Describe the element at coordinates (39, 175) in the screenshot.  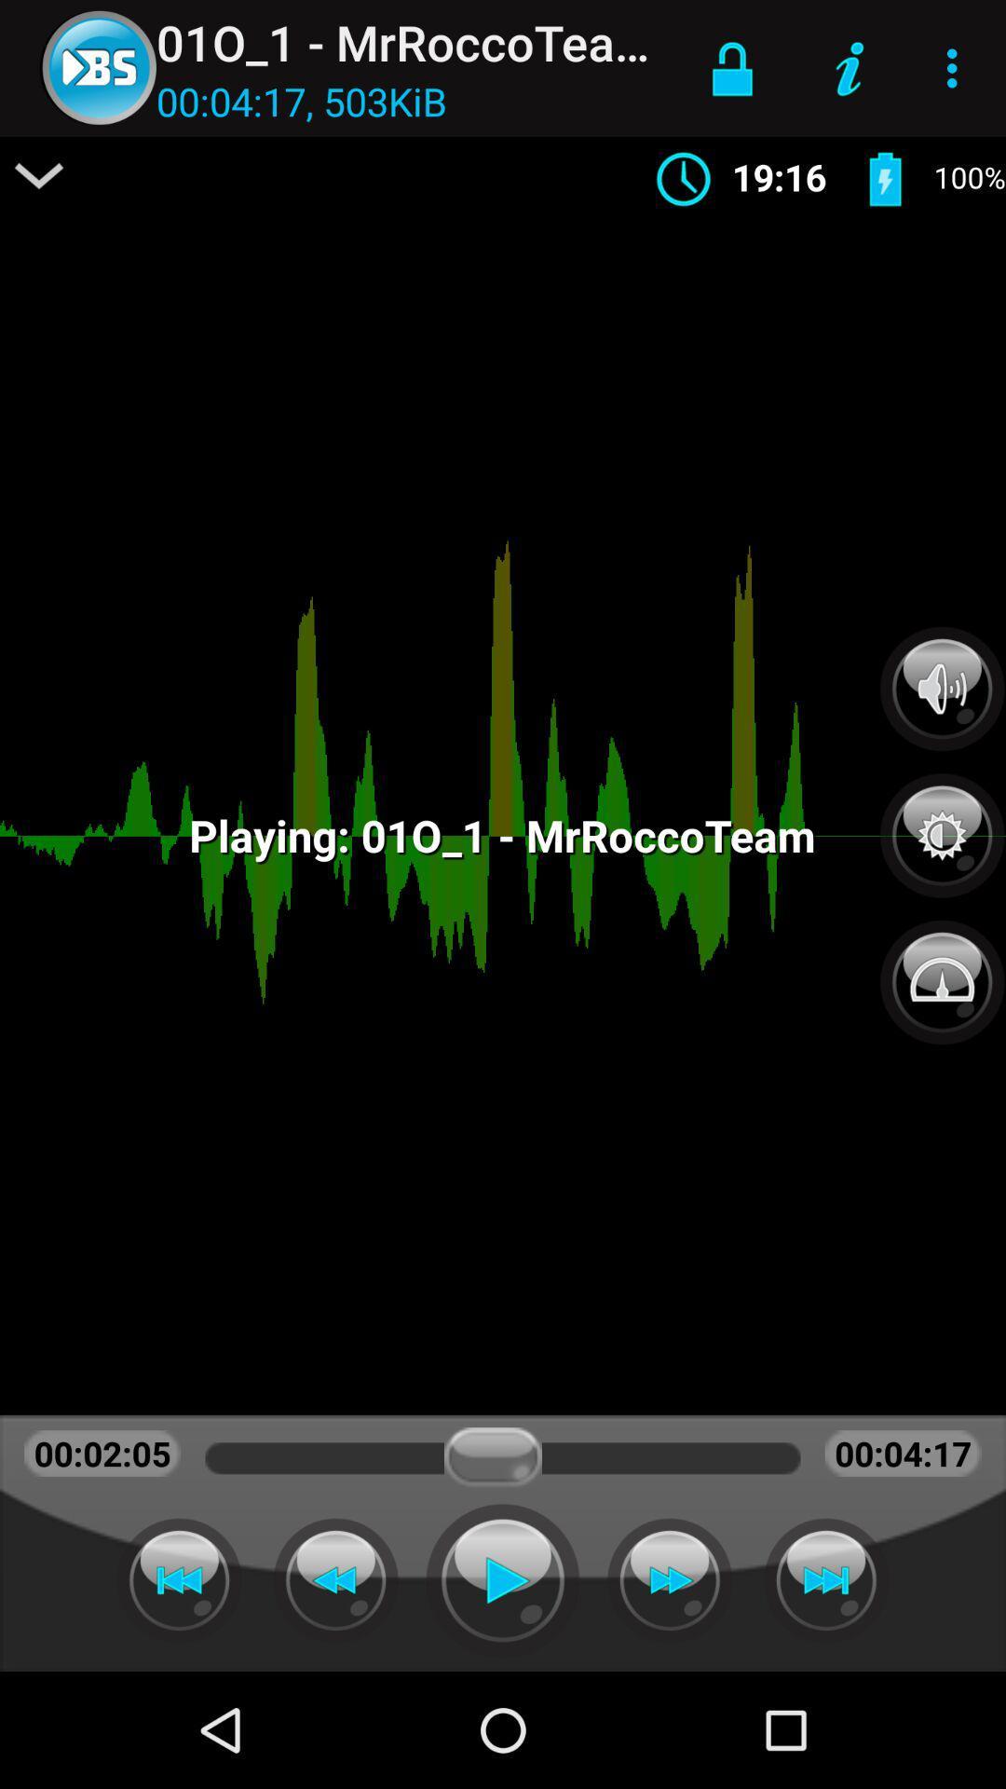
I see `item to the left of 00 04 17` at that location.